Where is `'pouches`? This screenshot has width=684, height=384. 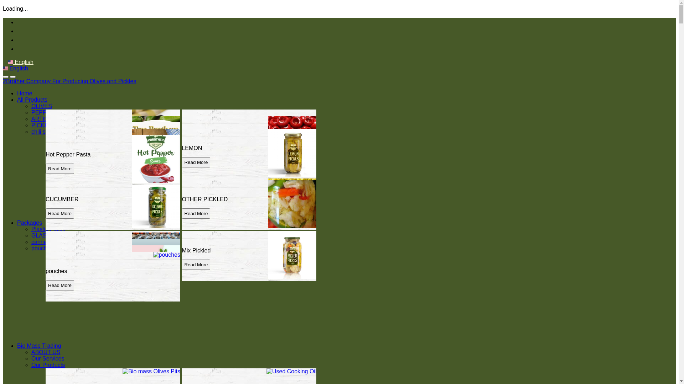
'pouches is located at coordinates (112, 276).